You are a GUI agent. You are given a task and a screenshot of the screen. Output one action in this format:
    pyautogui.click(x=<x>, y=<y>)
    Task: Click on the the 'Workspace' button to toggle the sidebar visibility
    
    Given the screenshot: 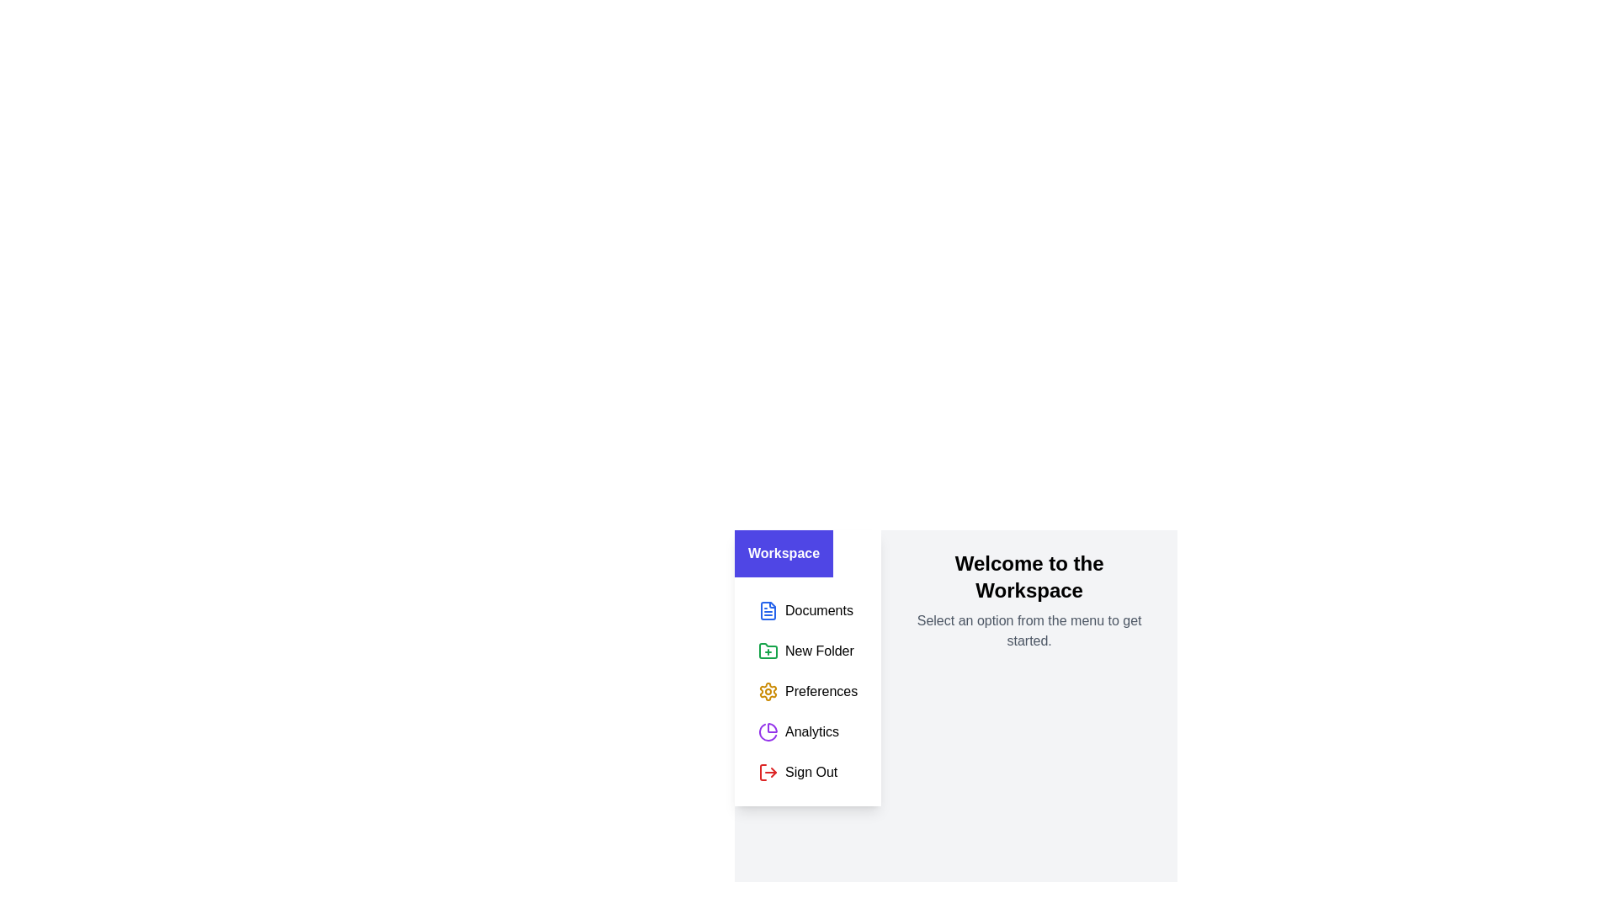 What is the action you would take?
    pyautogui.click(x=783, y=554)
    